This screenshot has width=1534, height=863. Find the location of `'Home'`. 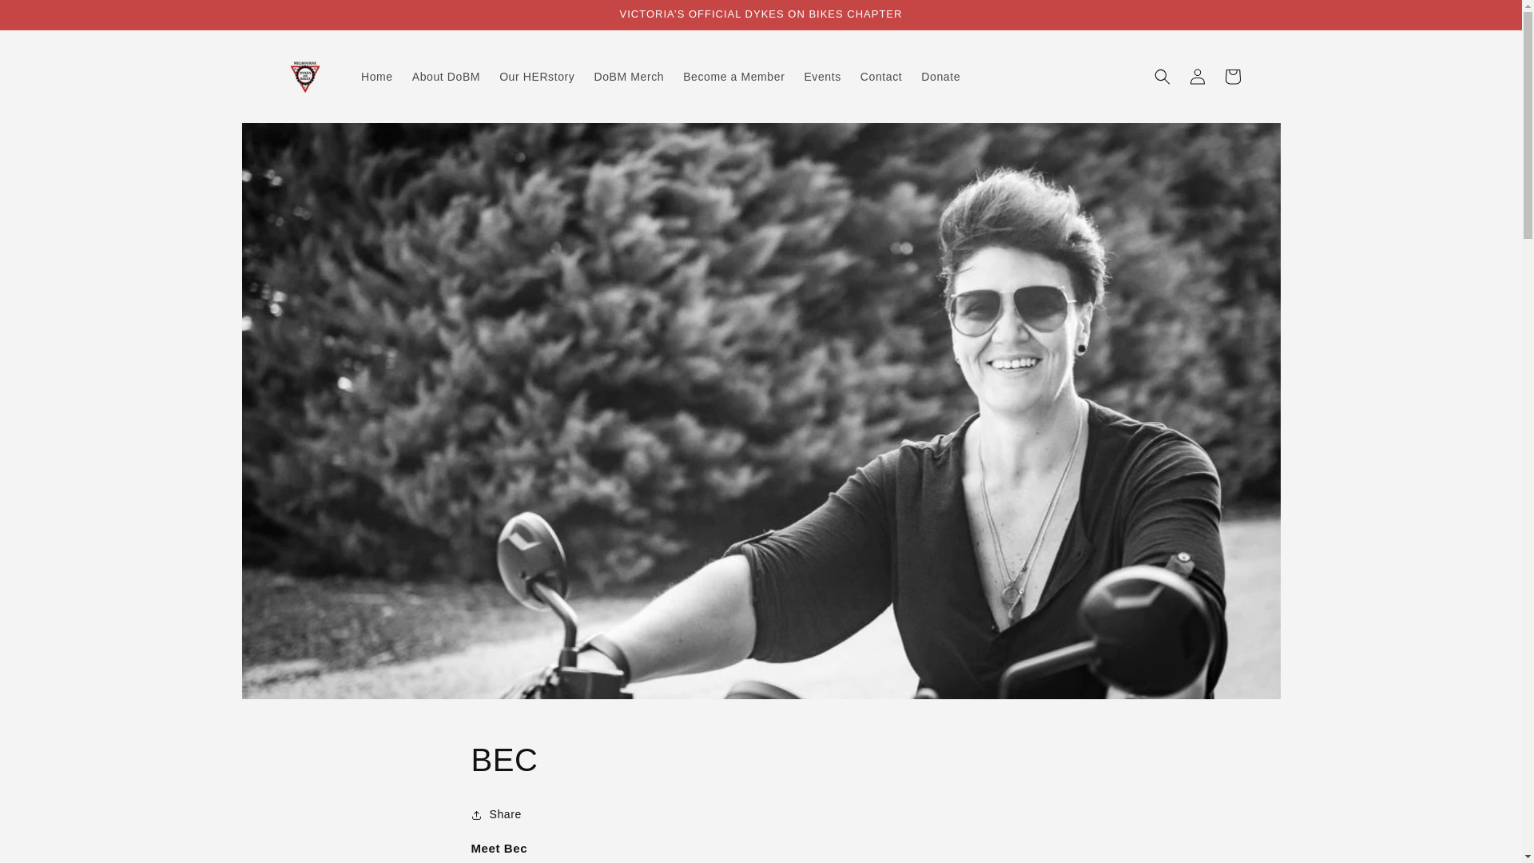

'Home' is located at coordinates (376, 77).